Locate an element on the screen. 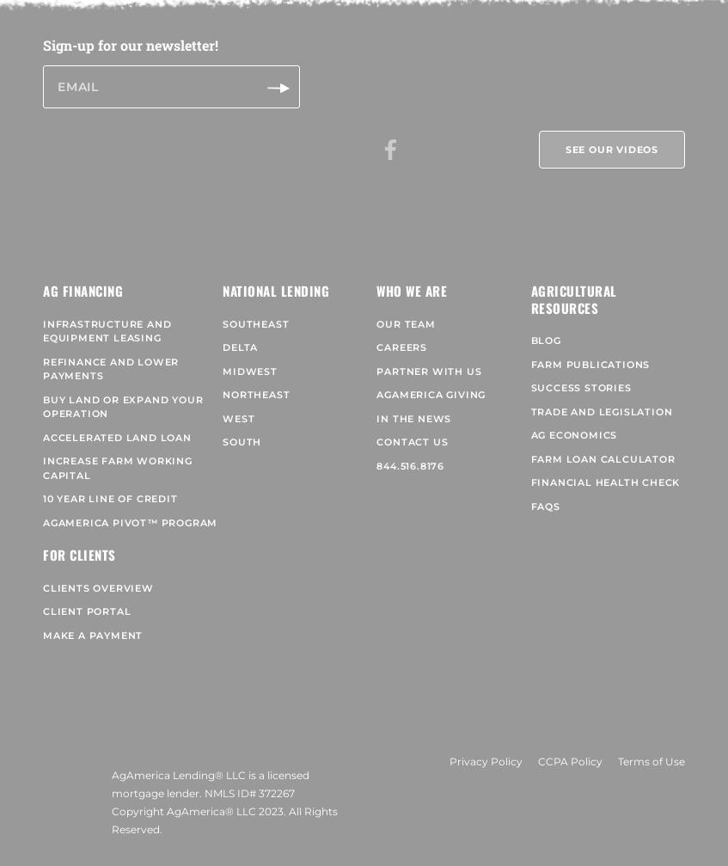 The width and height of the screenshot is (728, 866). 'Ag Economics' is located at coordinates (573, 425).